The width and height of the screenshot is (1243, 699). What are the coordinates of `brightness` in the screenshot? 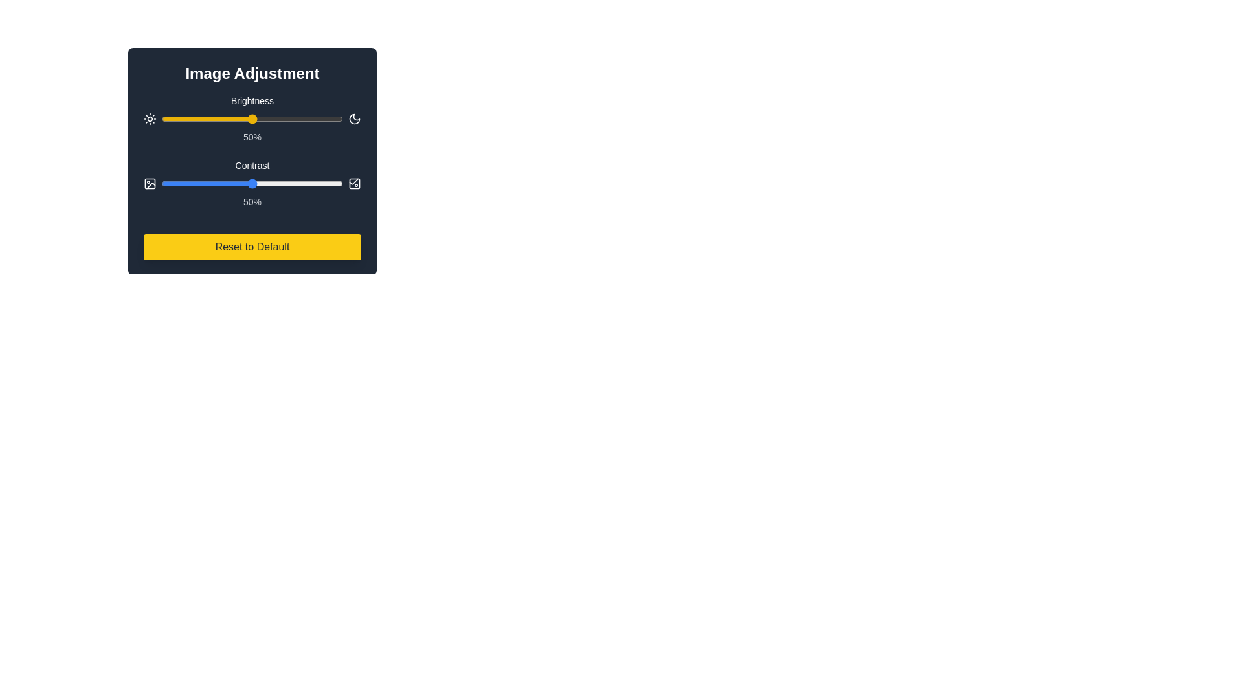 It's located at (335, 119).